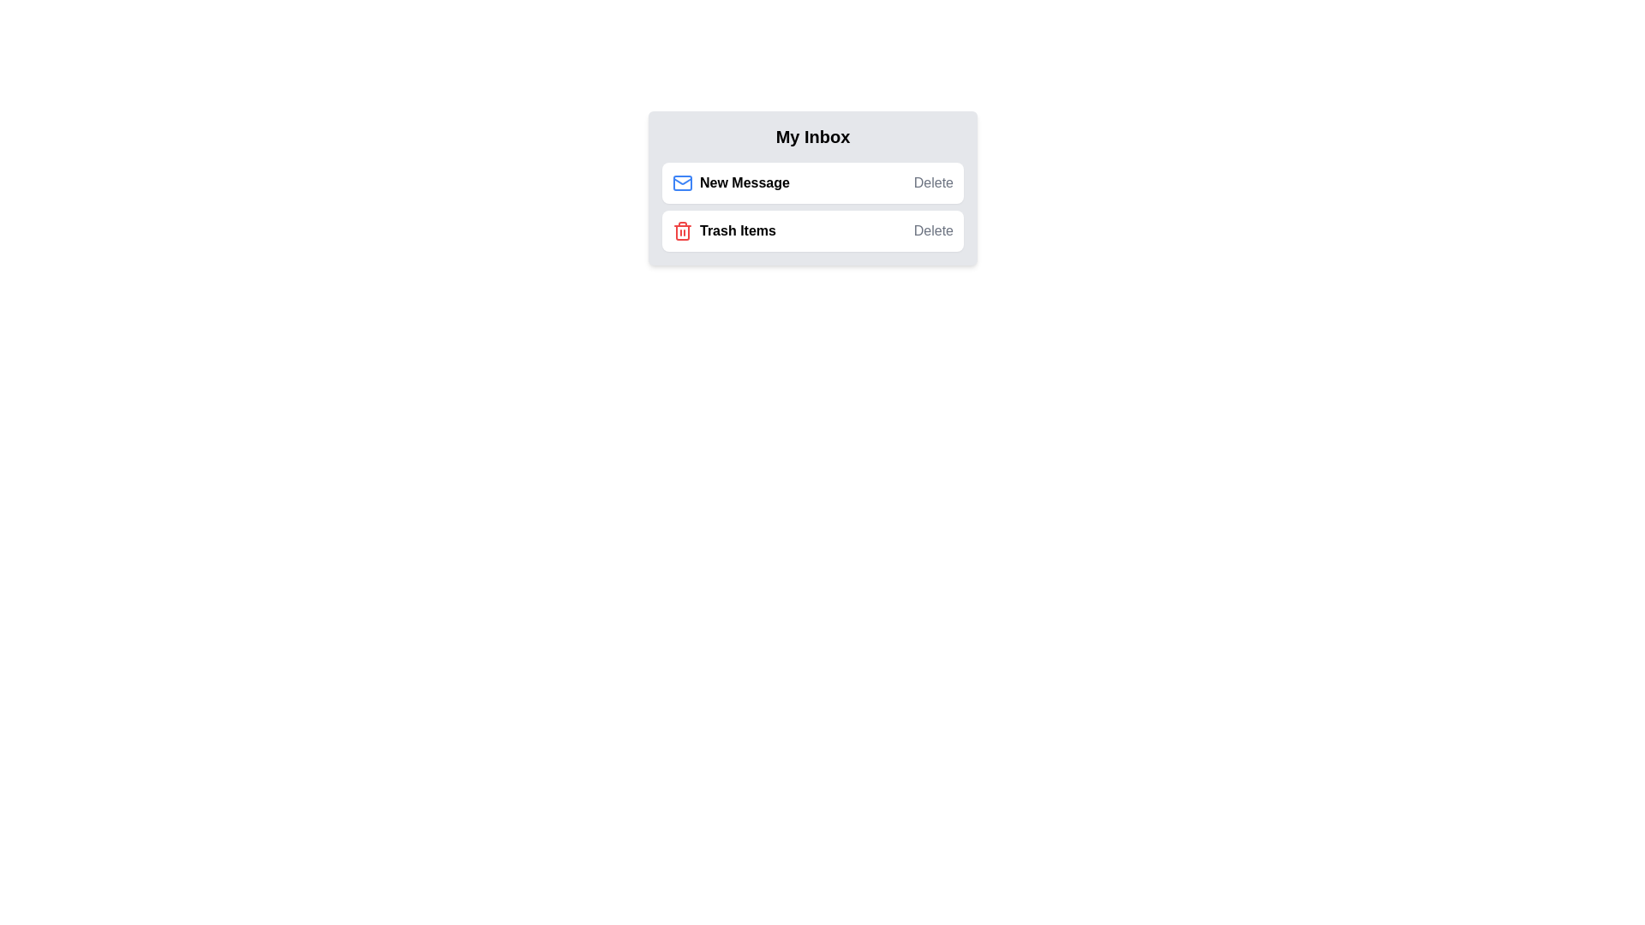  What do you see at coordinates (932, 231) in the screenshot?
I see `the delete button for Trash Items` at bounding box center [932, 231].